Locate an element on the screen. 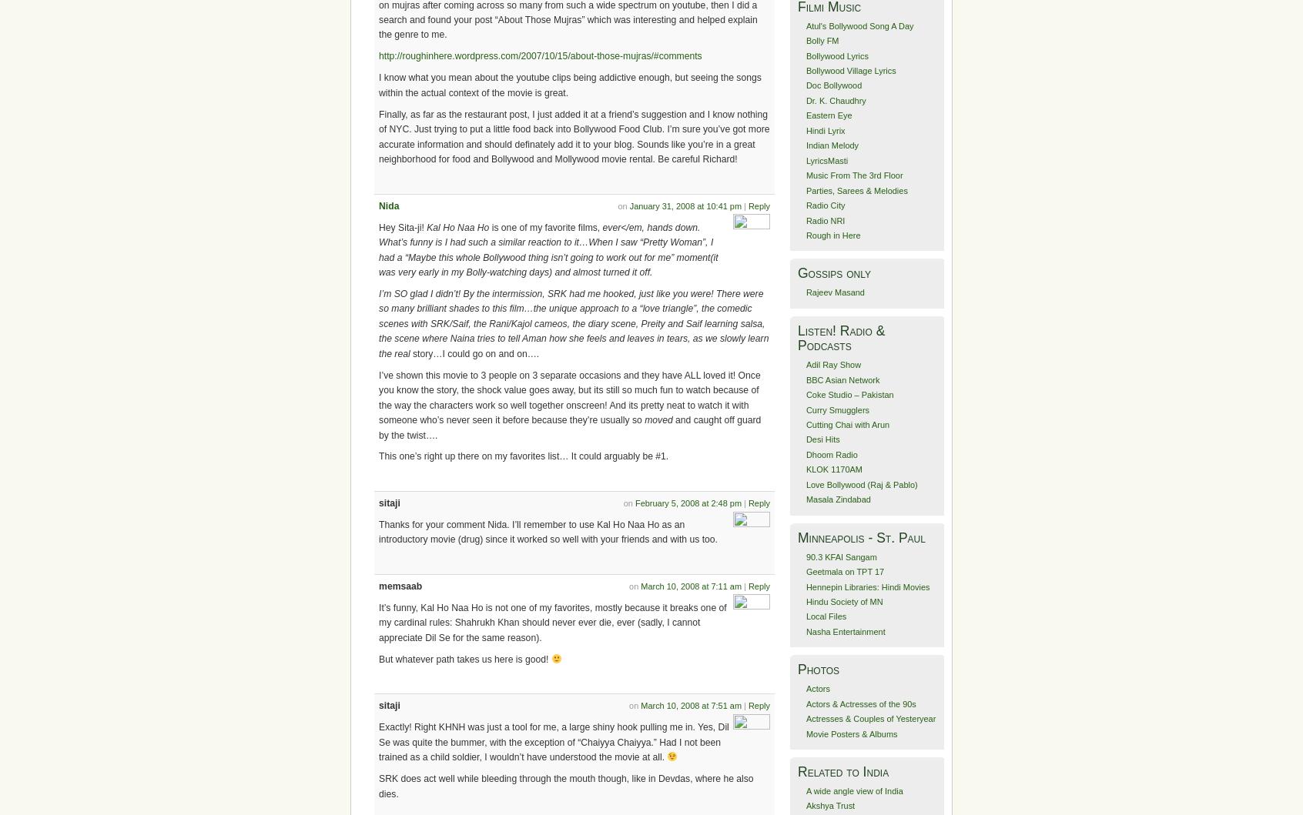  'February 5, 2008 at 2:48 pm' is located at coordinates (688, 503).